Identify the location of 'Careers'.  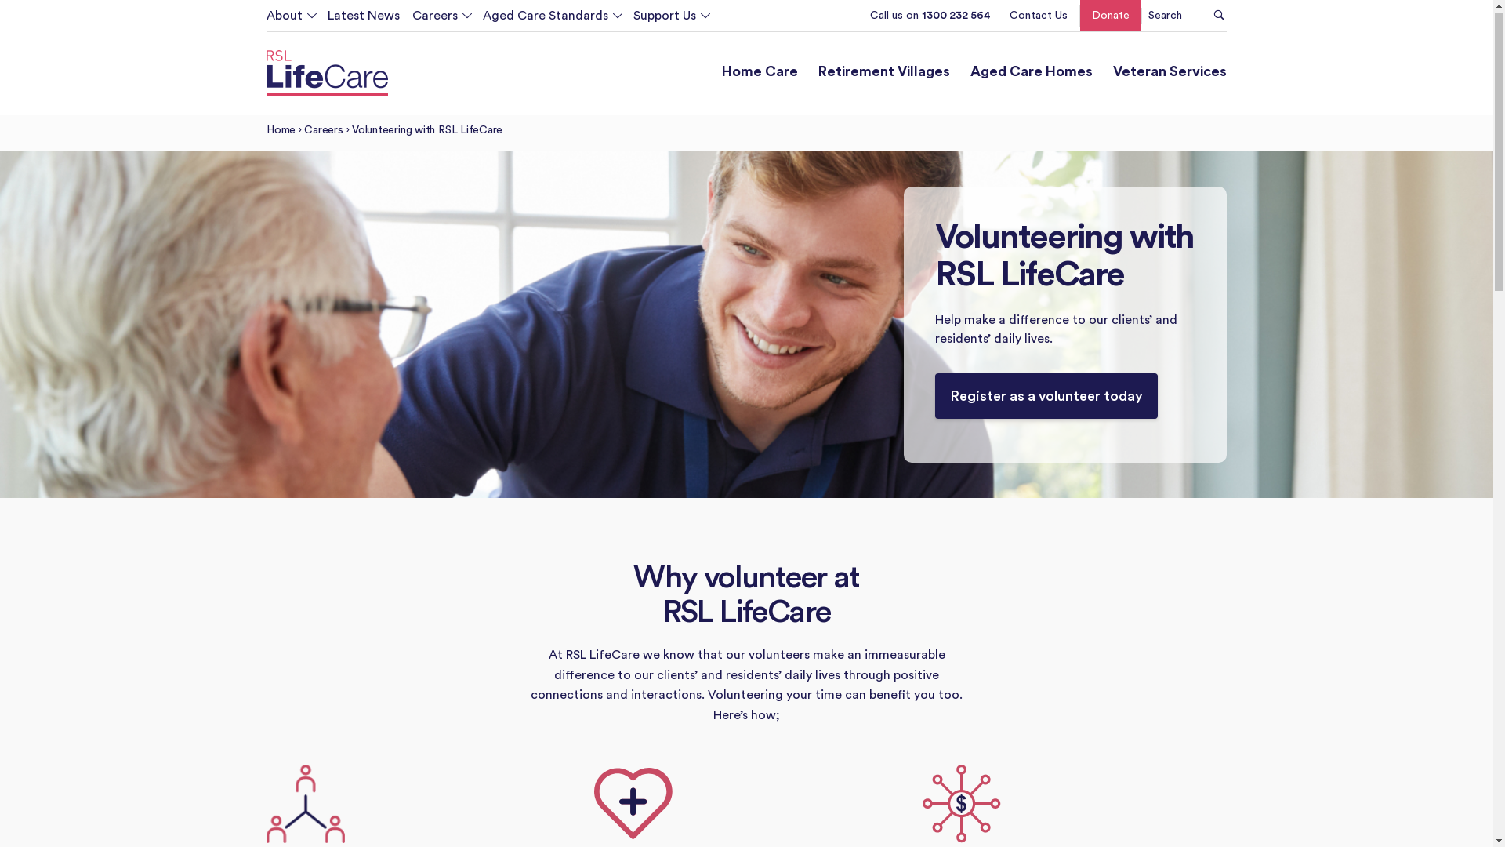
(322, 133).